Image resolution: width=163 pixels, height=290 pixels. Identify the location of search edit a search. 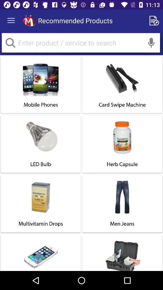
(155, 21).